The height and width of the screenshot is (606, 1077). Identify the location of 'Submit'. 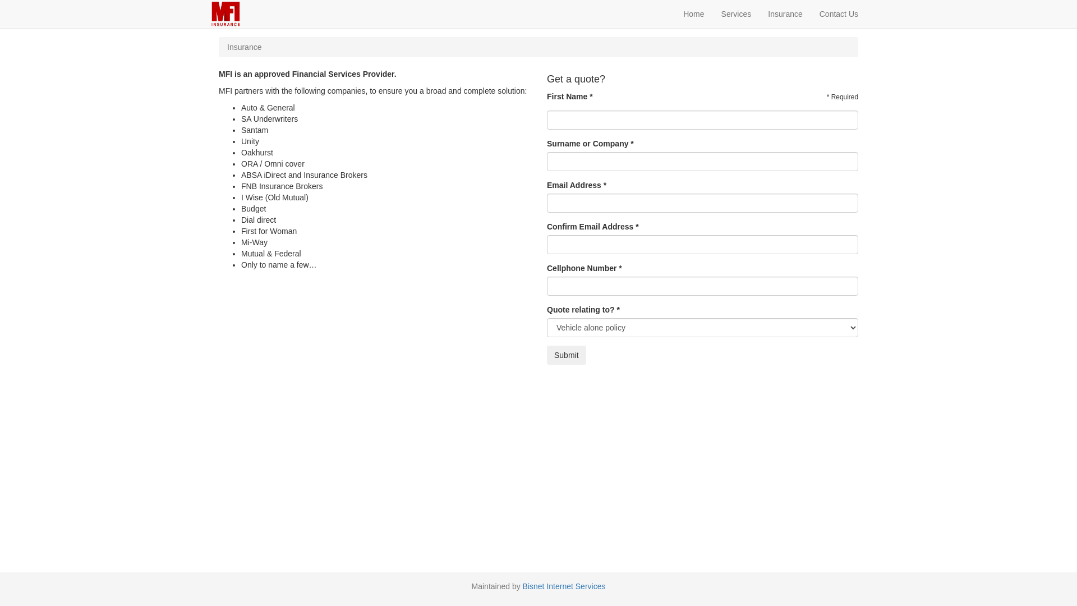
(566, 355).